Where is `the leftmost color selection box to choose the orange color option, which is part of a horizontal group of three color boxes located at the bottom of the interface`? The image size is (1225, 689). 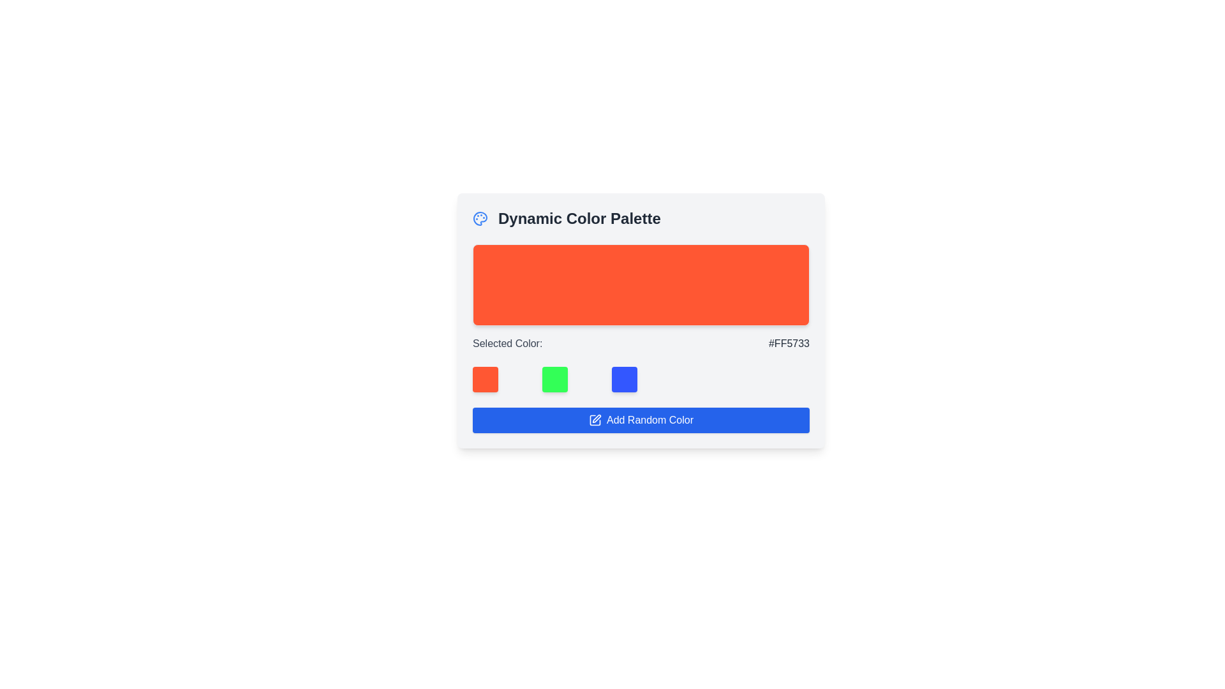 the leftmost color selection box to choose the orange color option, which is part of a horizontal group of three color boxes located at the bottom of the interface is located at coordinates (485, 378).